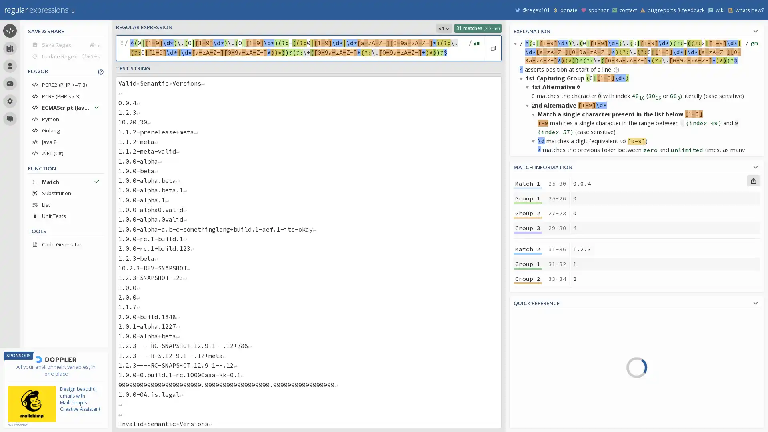 The image size is (768, 432). Describe the element at coordinates (534, 240) in the screenshot. I see `Collapse Subtree` at that location.